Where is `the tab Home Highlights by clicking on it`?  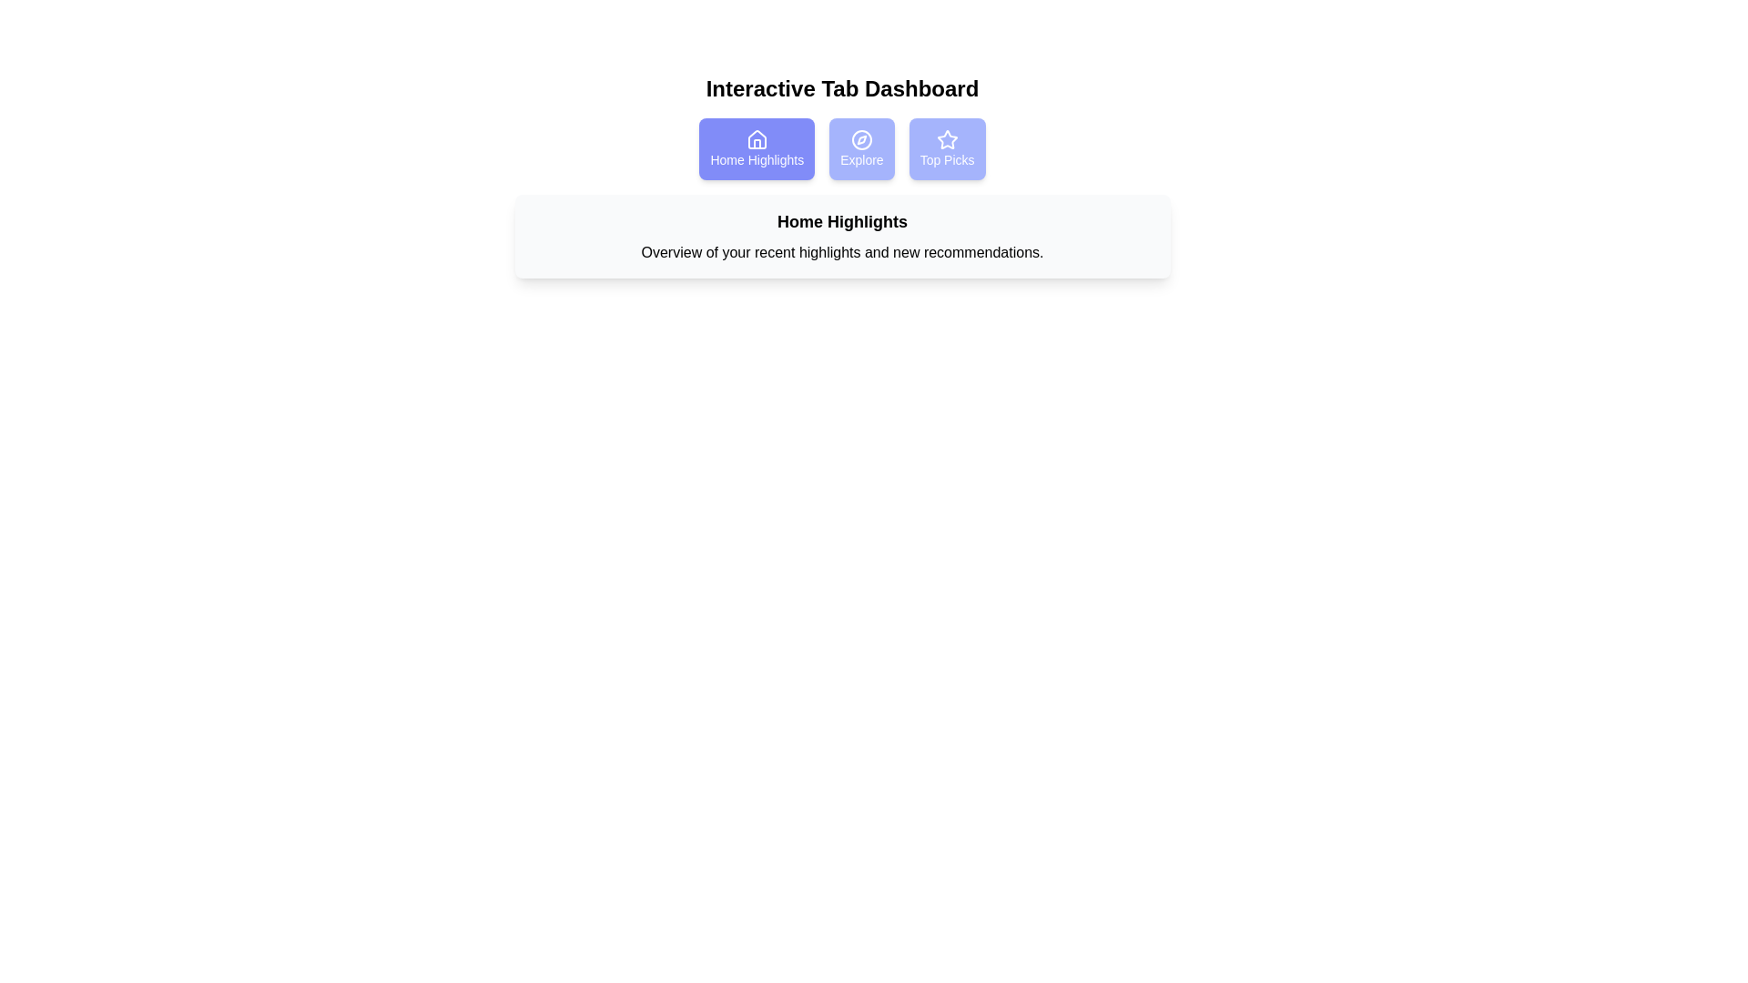 the tab Home Highlights by clicking on it is located at coordinates (757, 148).